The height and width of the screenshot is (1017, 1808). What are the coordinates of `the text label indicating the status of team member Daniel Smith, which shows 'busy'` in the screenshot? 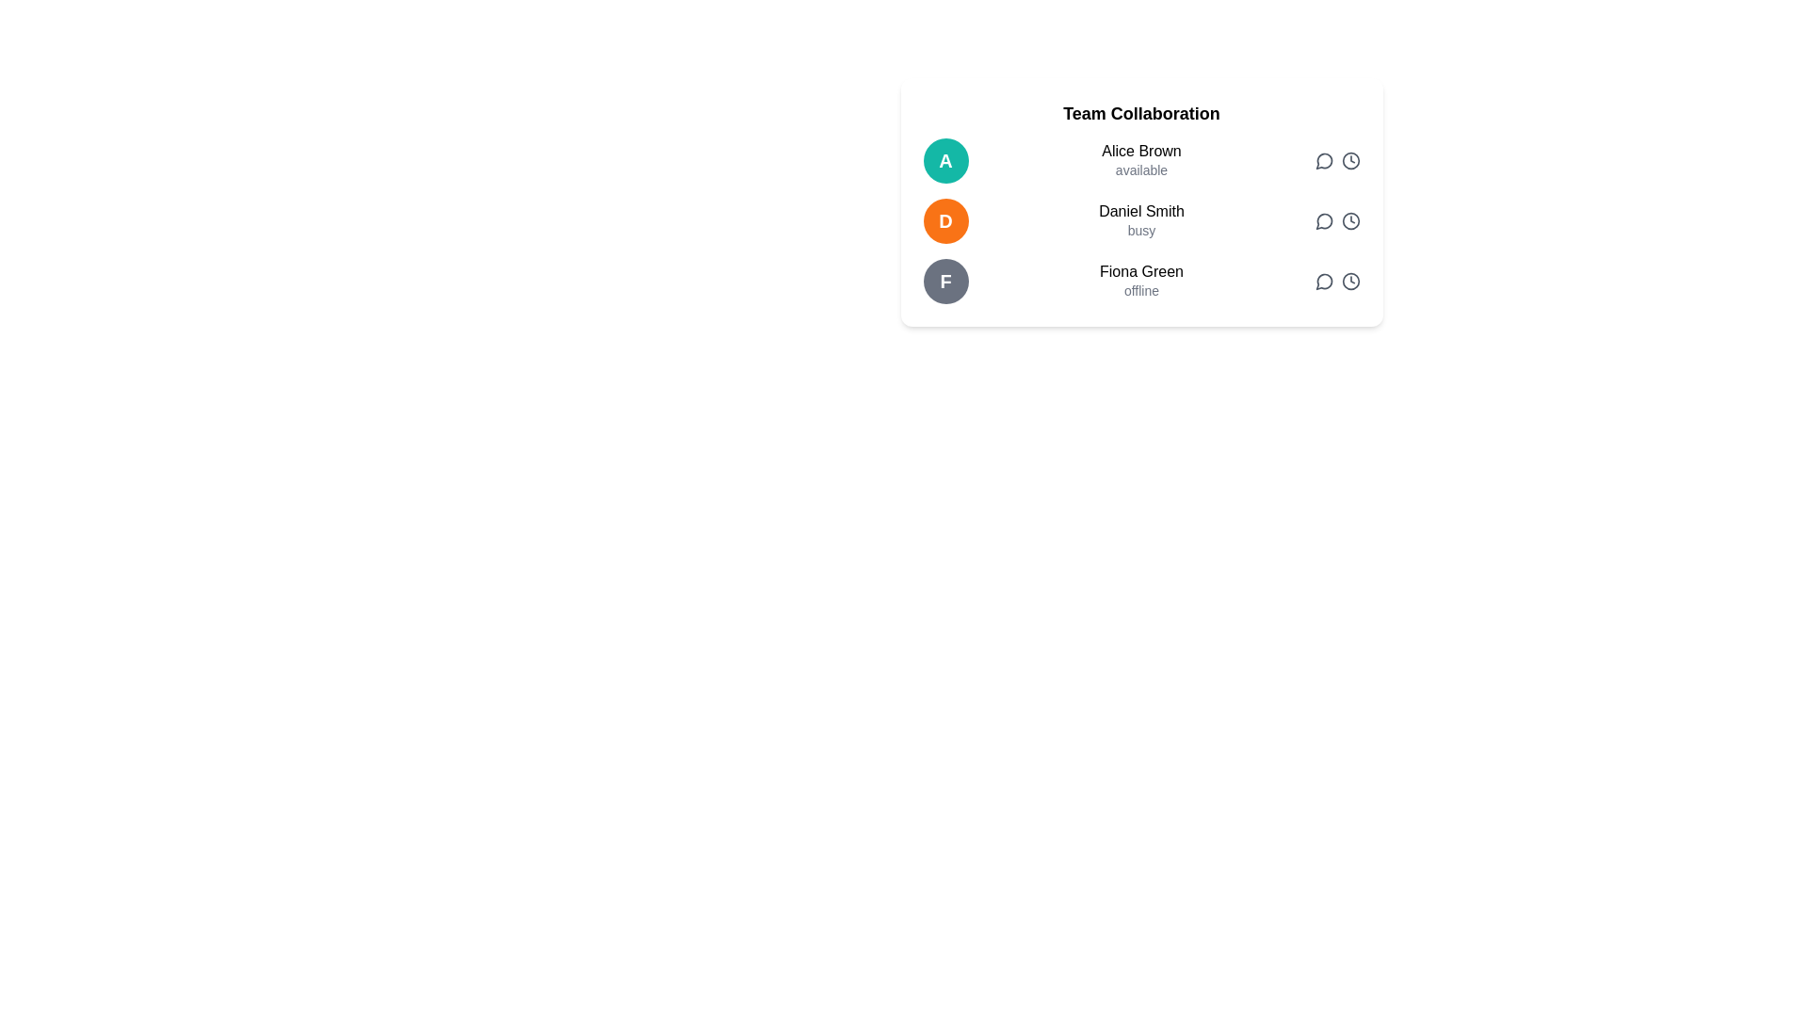 It's located at (1140, 230).